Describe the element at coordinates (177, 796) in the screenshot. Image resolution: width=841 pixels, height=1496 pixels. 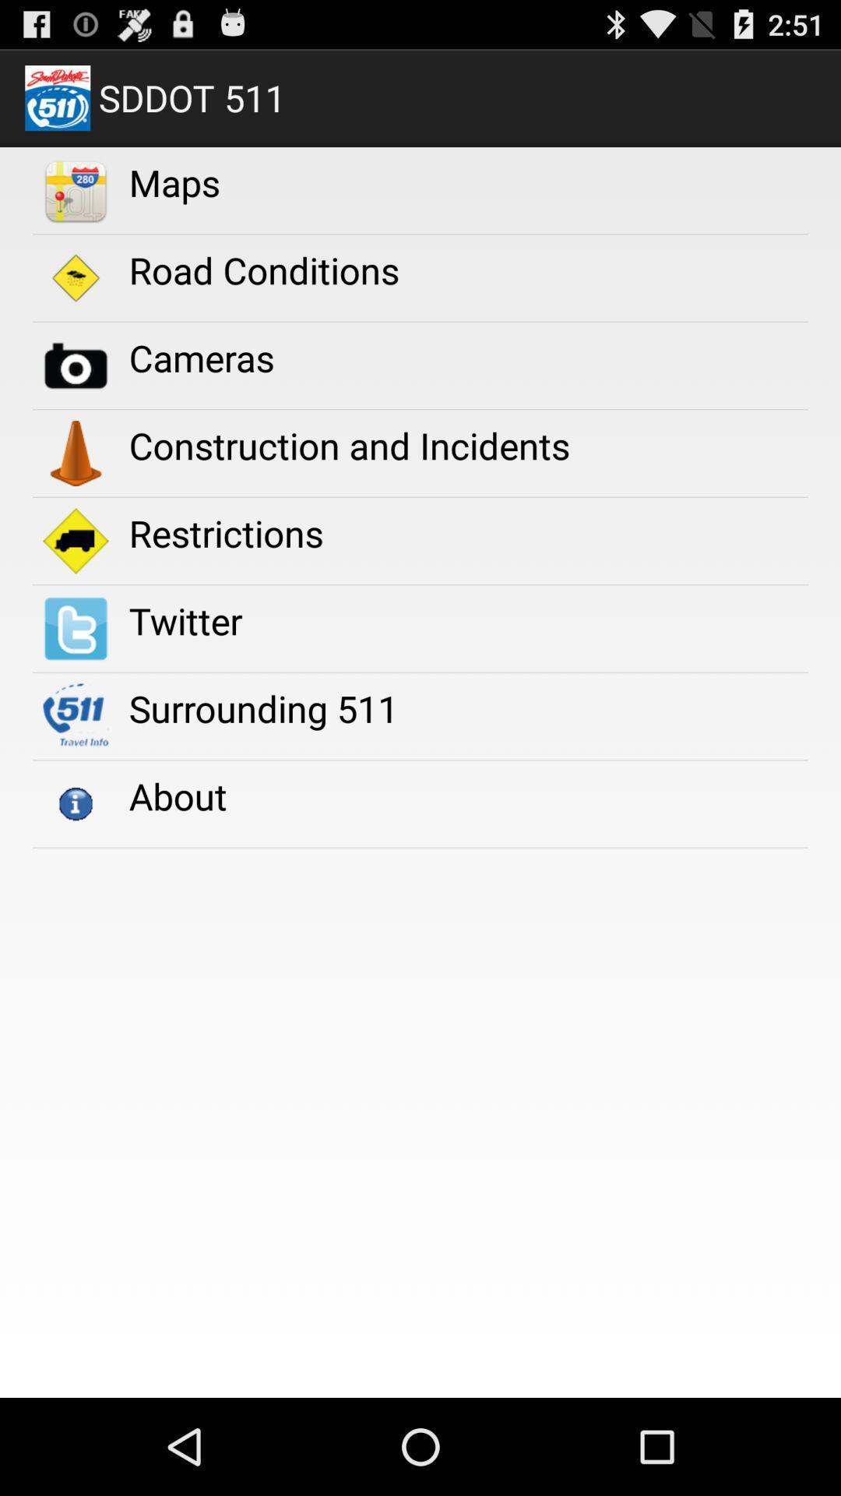
I see `the about` at that location.